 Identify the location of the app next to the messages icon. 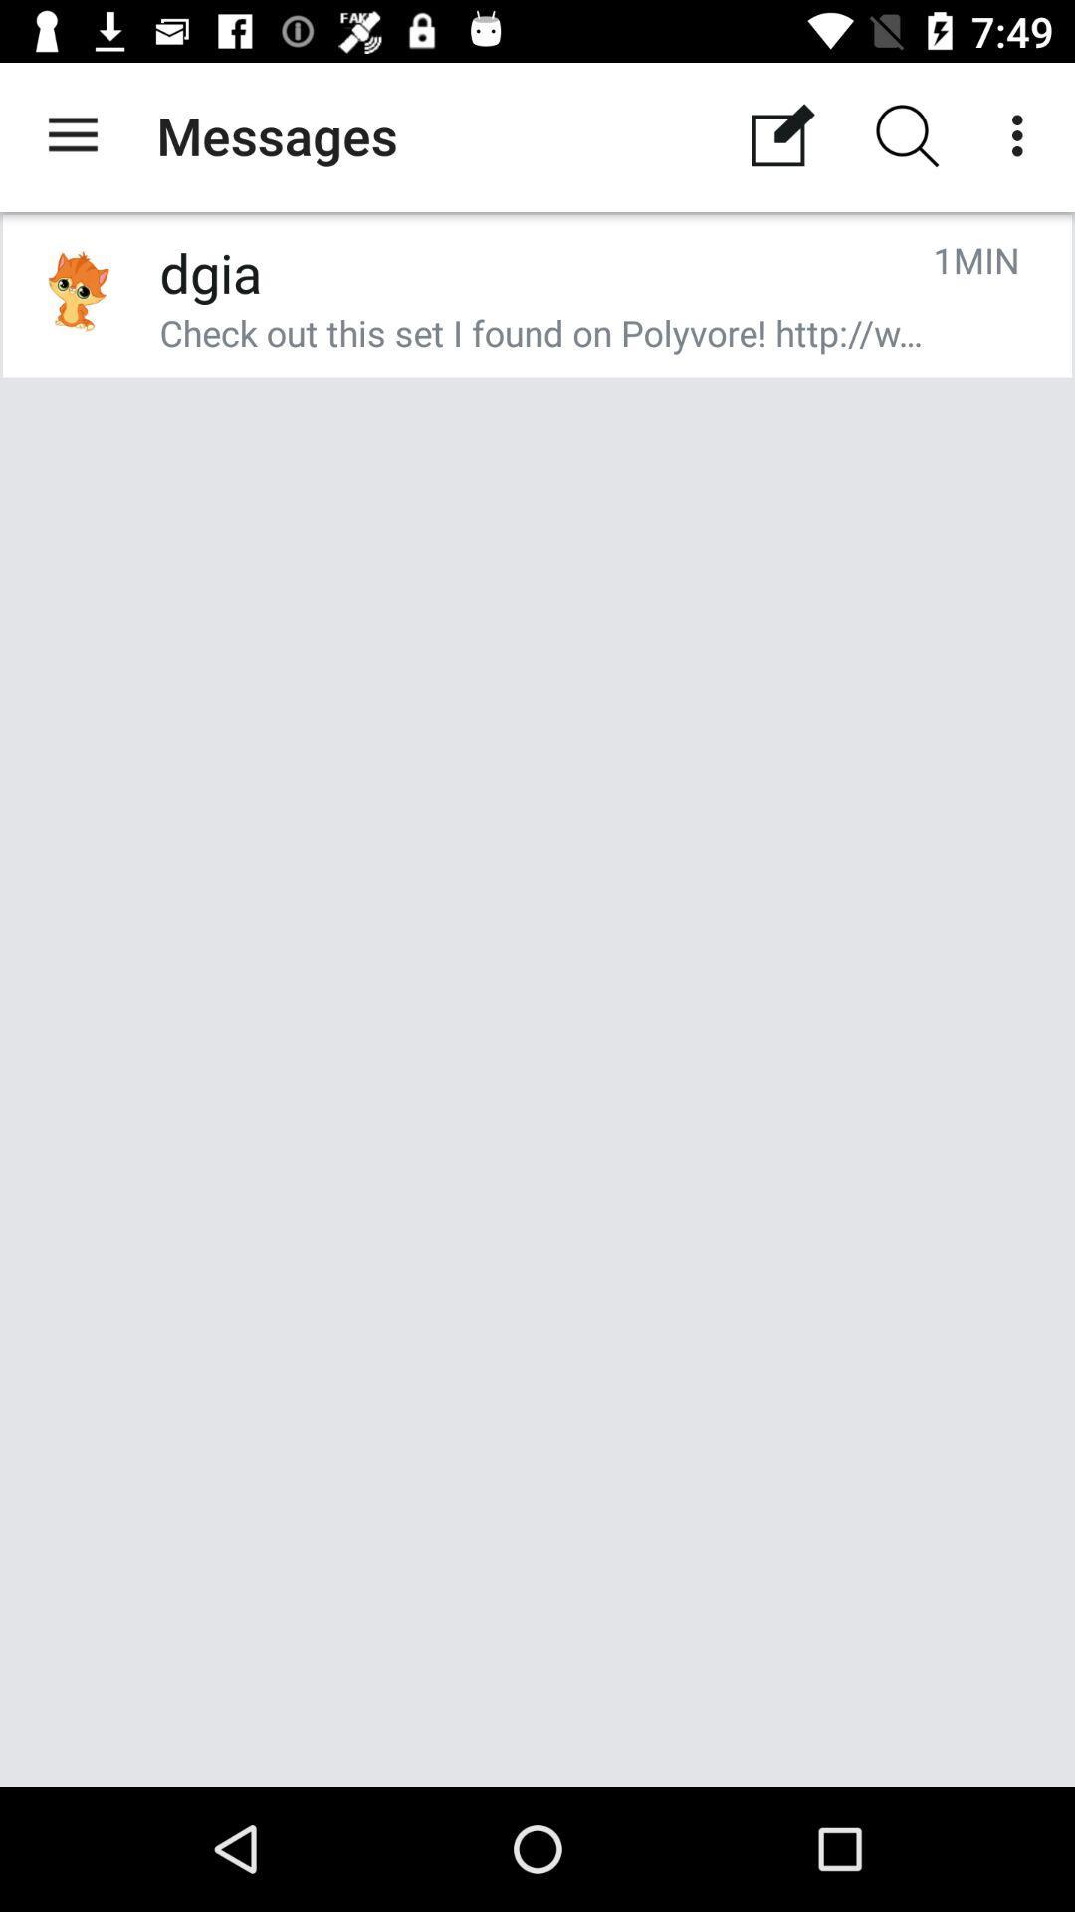
(781, 134).